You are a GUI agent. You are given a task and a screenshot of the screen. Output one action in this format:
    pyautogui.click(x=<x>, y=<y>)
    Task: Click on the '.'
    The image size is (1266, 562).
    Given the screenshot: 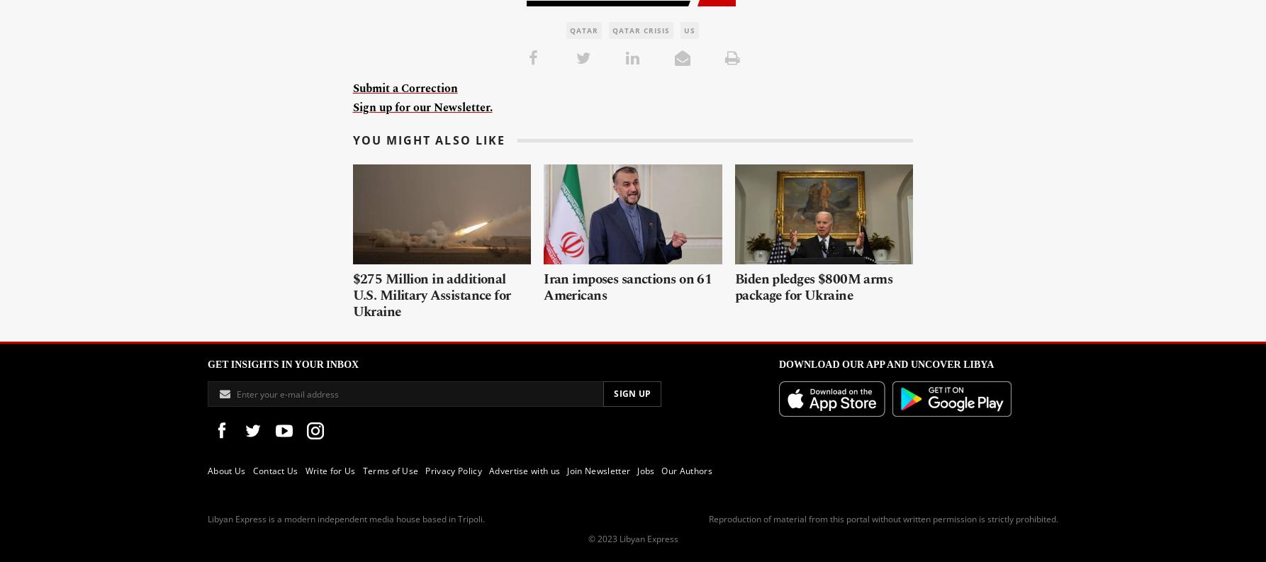 What is the action you would take?
    pyautogui.click(x=1056, y=518)
    